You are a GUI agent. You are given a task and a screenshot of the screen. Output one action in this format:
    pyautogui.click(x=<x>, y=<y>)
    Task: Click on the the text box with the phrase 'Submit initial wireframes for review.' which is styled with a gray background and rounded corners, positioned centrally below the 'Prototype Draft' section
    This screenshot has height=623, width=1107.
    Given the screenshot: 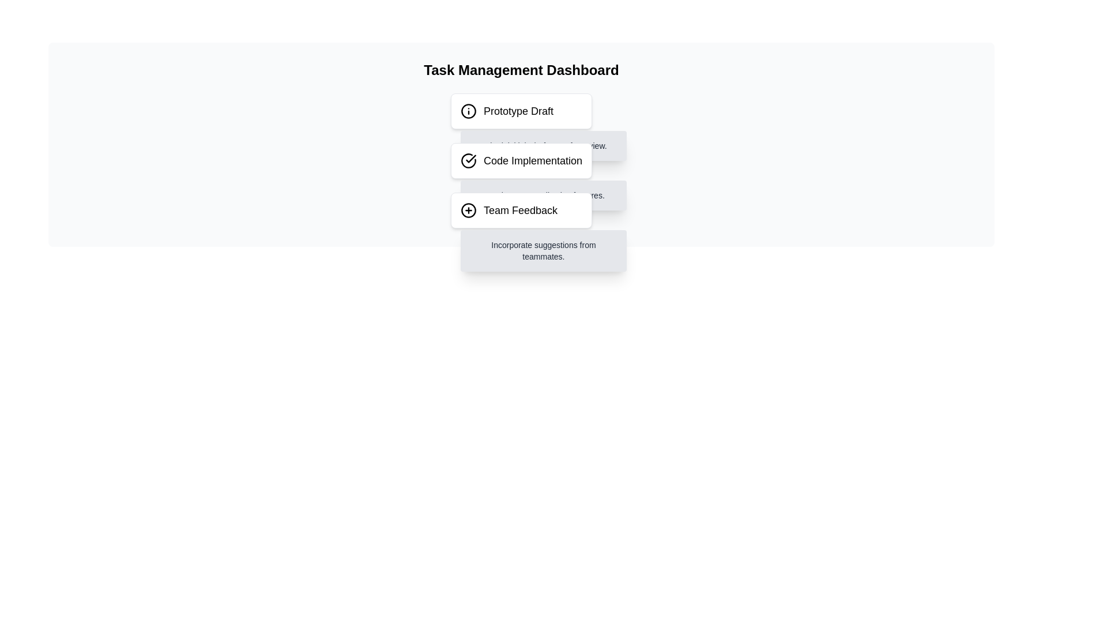 What is the action you would take?
    pyautogui.click(x=543, y=145)
    